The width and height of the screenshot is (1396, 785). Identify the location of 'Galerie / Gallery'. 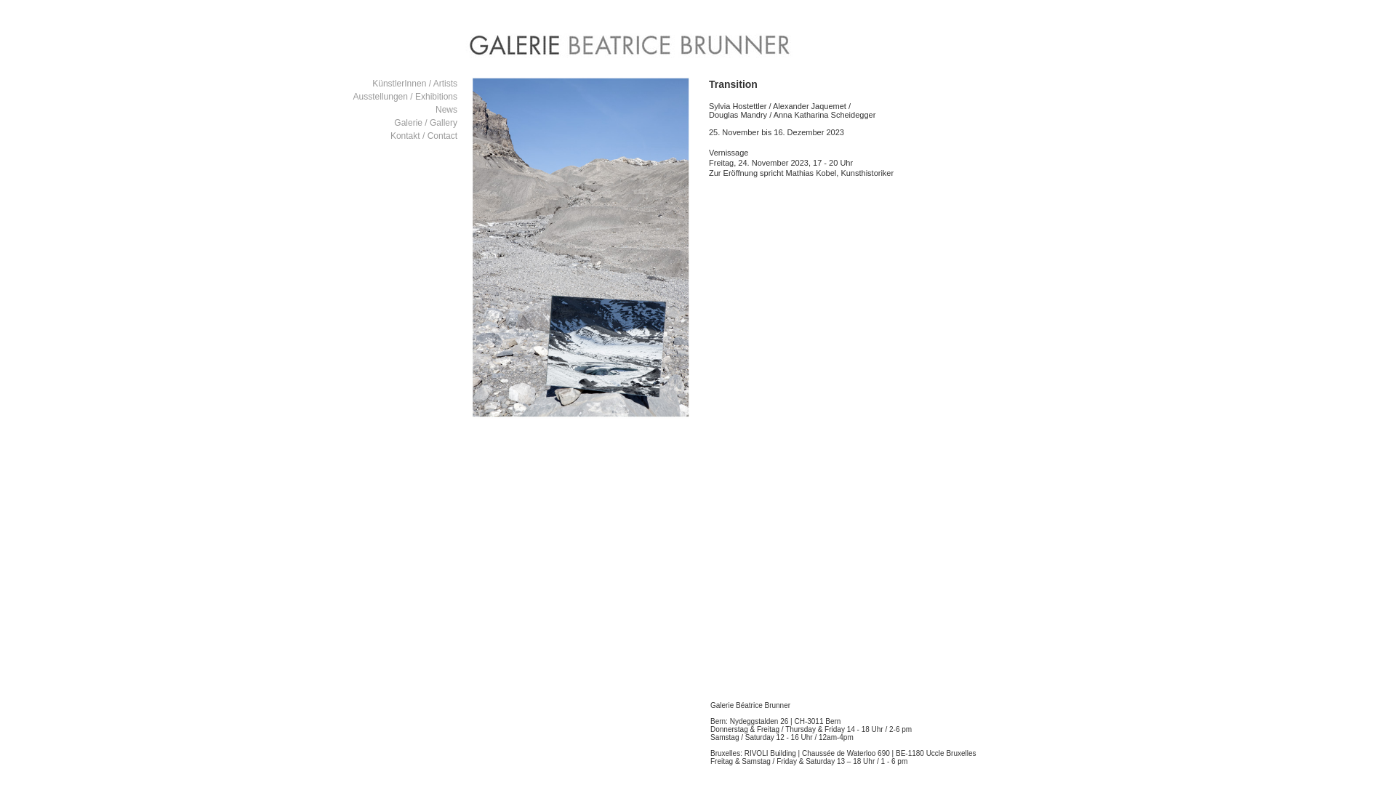
(425, 122).